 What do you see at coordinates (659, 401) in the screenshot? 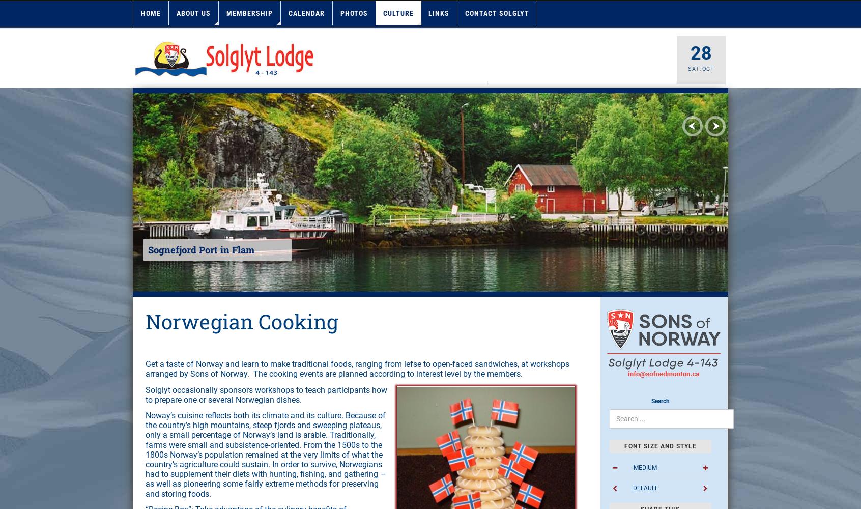
I see `'Search'` at bounding box center [659, 401].